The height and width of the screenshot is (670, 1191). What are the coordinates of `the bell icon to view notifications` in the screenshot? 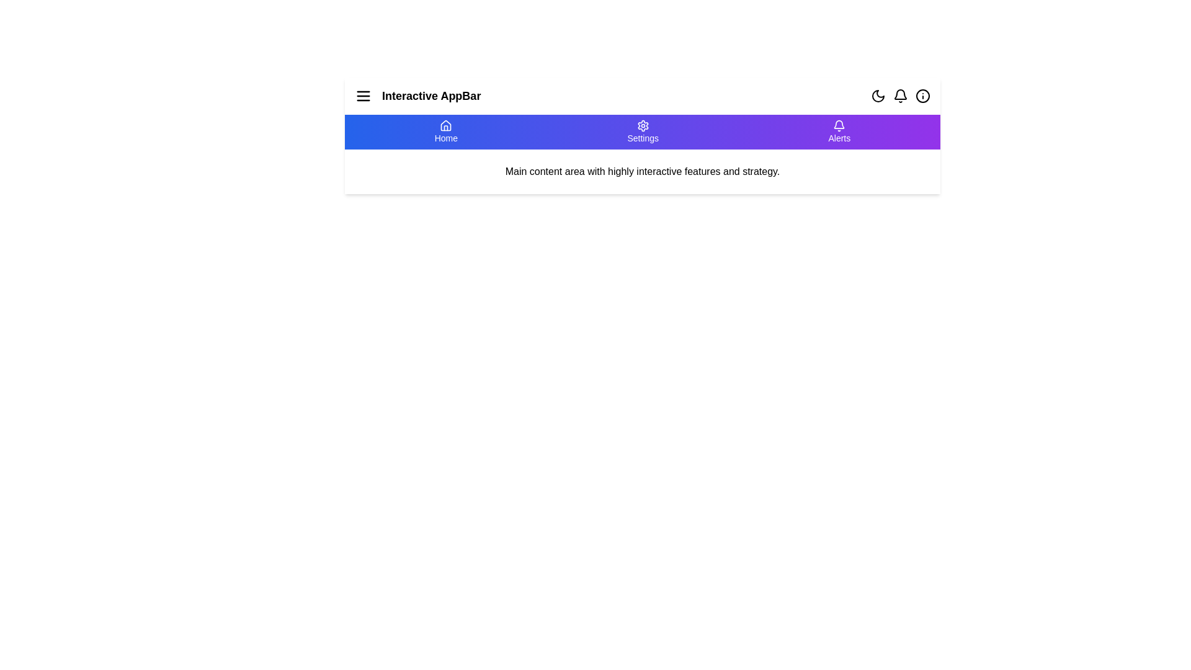 It's located at (900, 95).